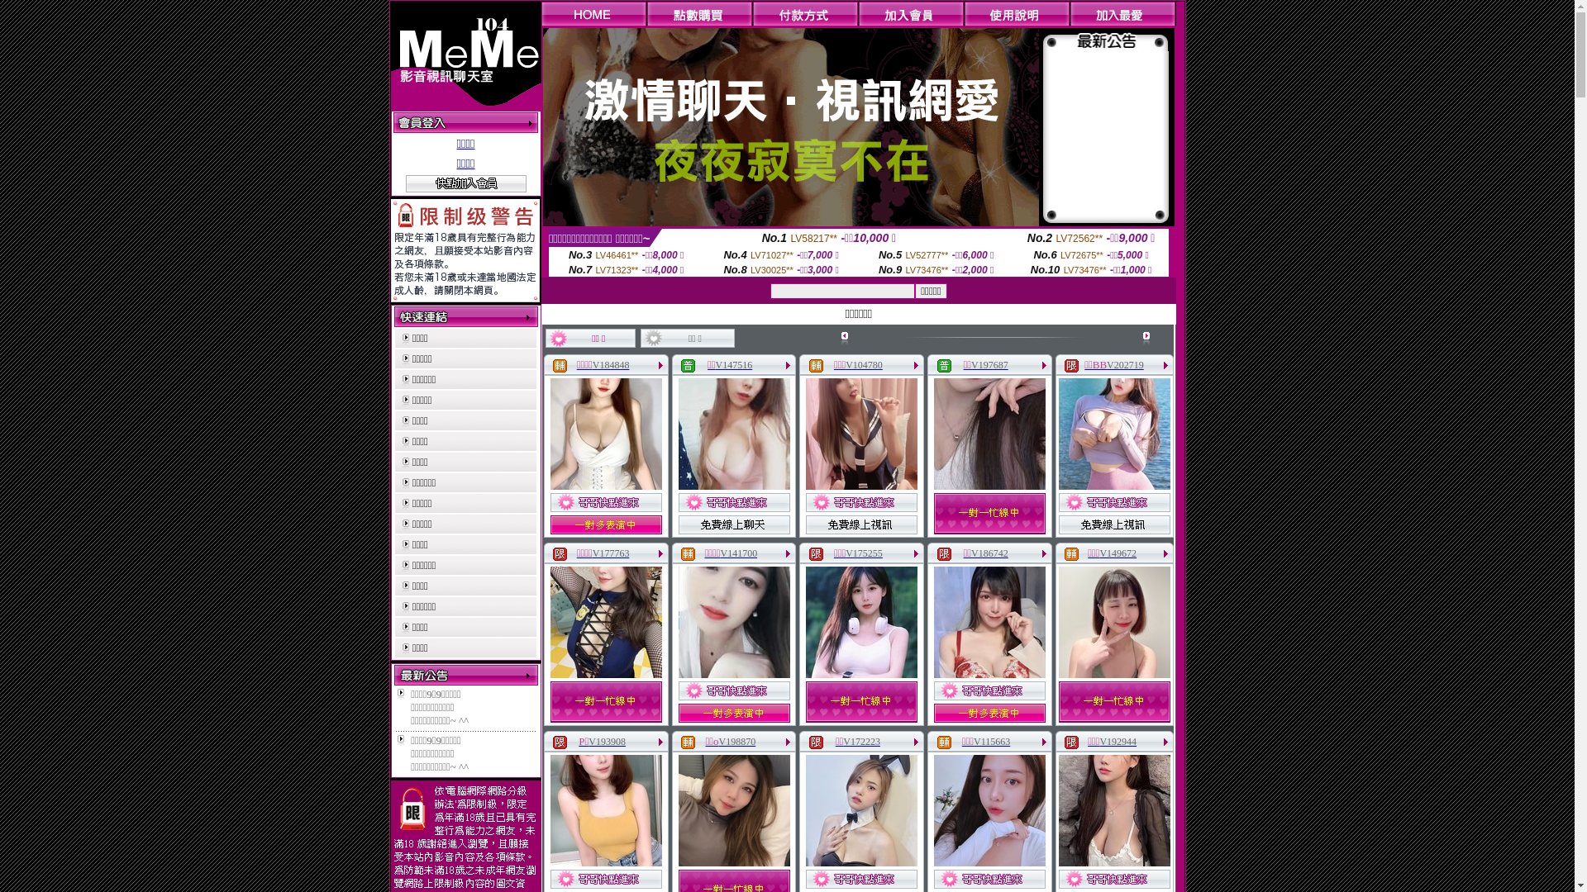 This screenshot has width=1587, height=892. What do you see at coordinates (737, 553) in the screenshot?
I see `'V141700'` at bounding box center [737, 553].